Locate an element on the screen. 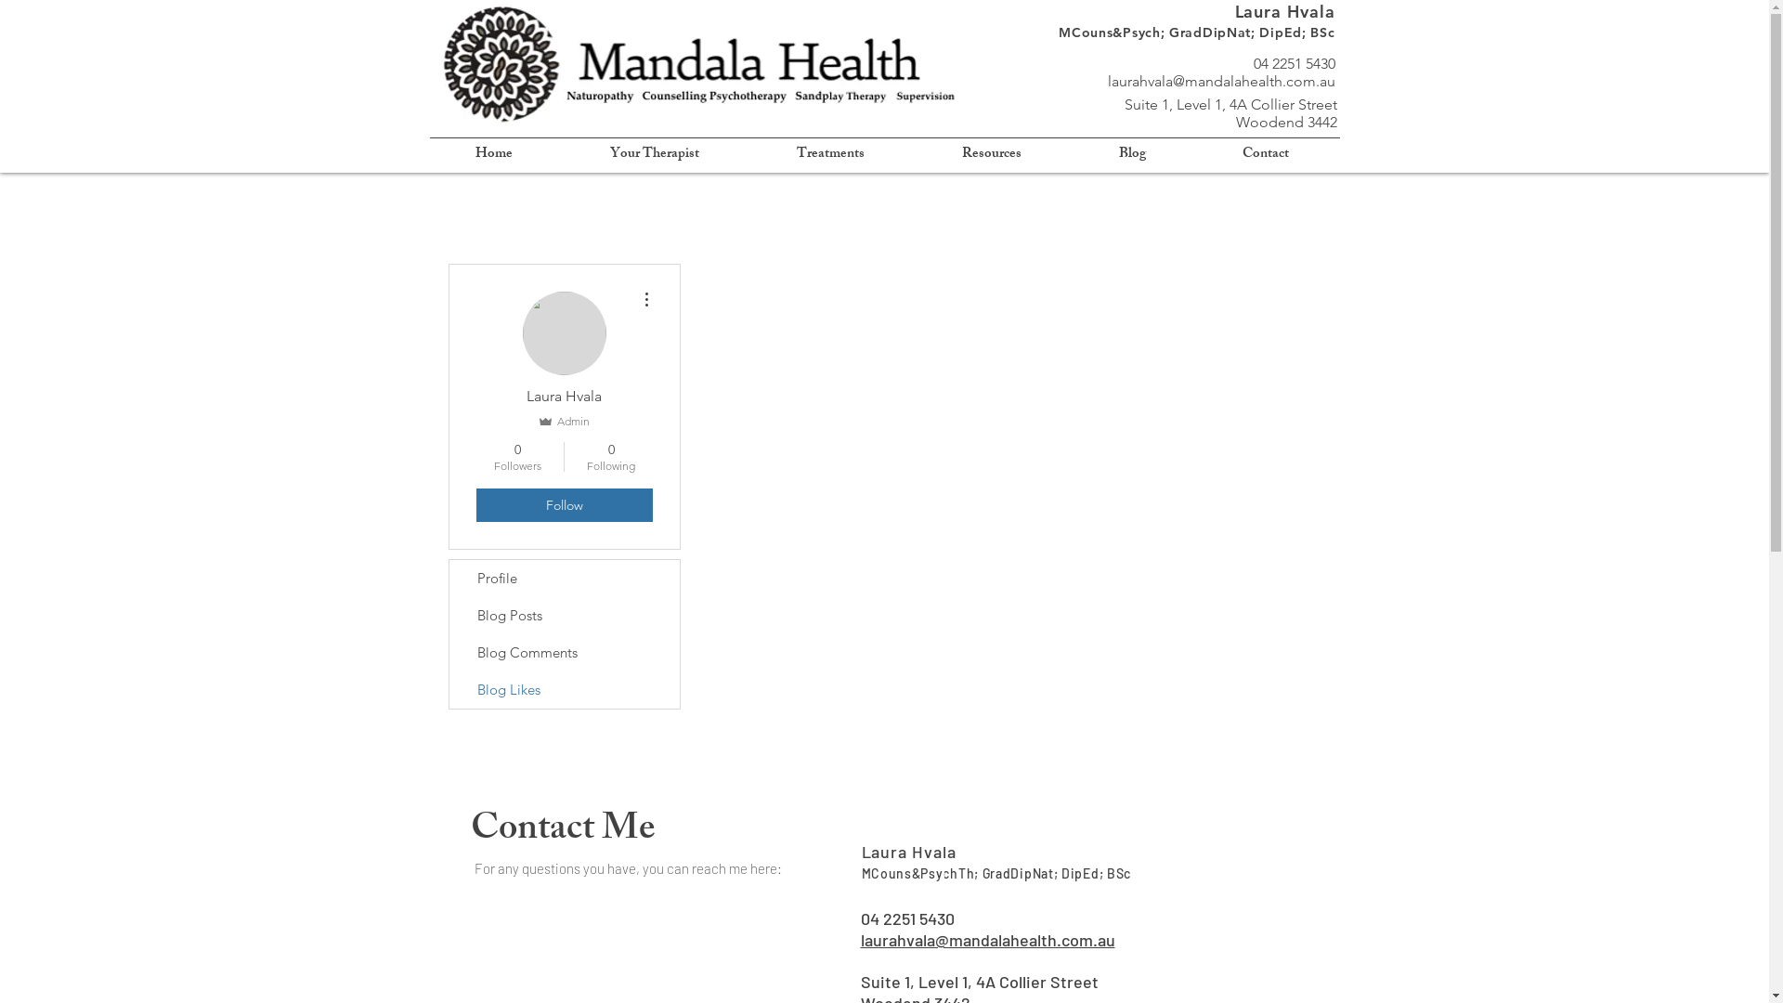  'Resources' is located at coordinates (991, 153).